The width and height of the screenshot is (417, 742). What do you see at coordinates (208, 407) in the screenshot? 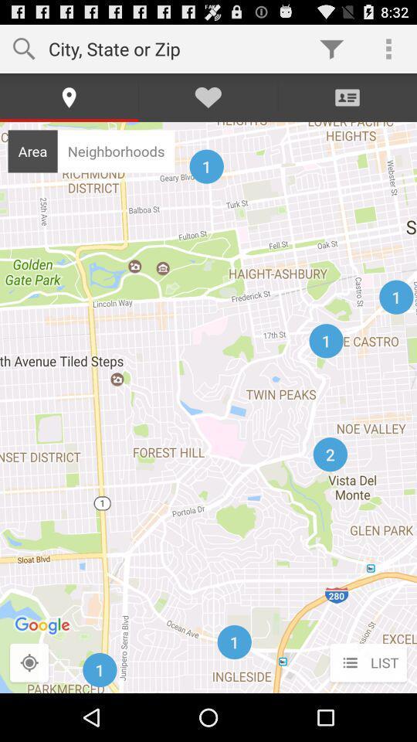
I see `icon at the center` at bounding box center [208, 407].